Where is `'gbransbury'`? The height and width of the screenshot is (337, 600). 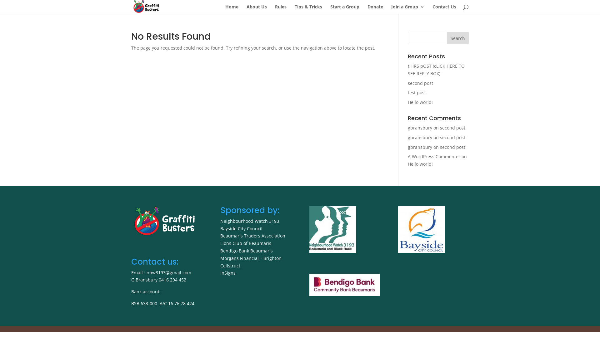
'gbransbury' is located at coordinates (408, 137).